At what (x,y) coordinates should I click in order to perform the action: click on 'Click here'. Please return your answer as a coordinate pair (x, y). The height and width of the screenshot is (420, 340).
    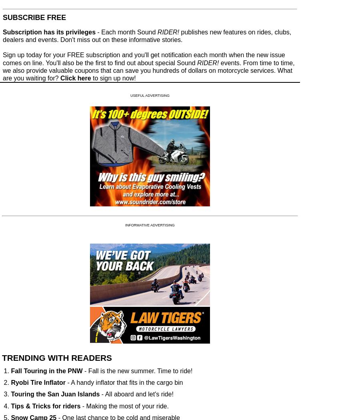
    Looking at the image, I should click on (60, 77).